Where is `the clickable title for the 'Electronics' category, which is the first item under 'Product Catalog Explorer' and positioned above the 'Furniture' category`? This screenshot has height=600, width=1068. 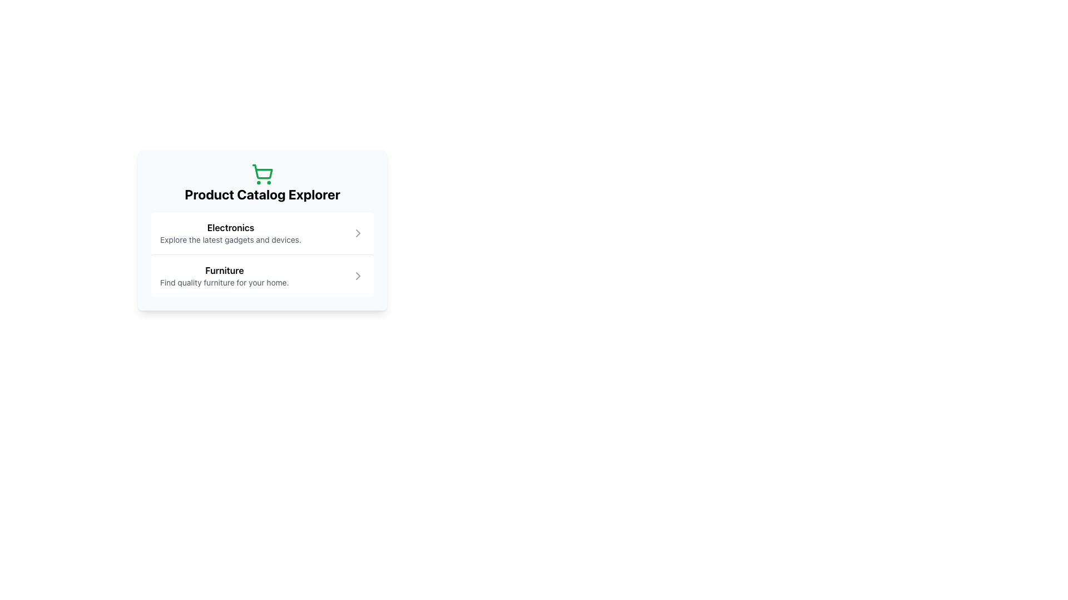
the clickable title for the 'Electronics' category, which is the first item under 'Product Catalog Explorer' and positioned above the 'Furniture' category is located at coordinates (230, 233).